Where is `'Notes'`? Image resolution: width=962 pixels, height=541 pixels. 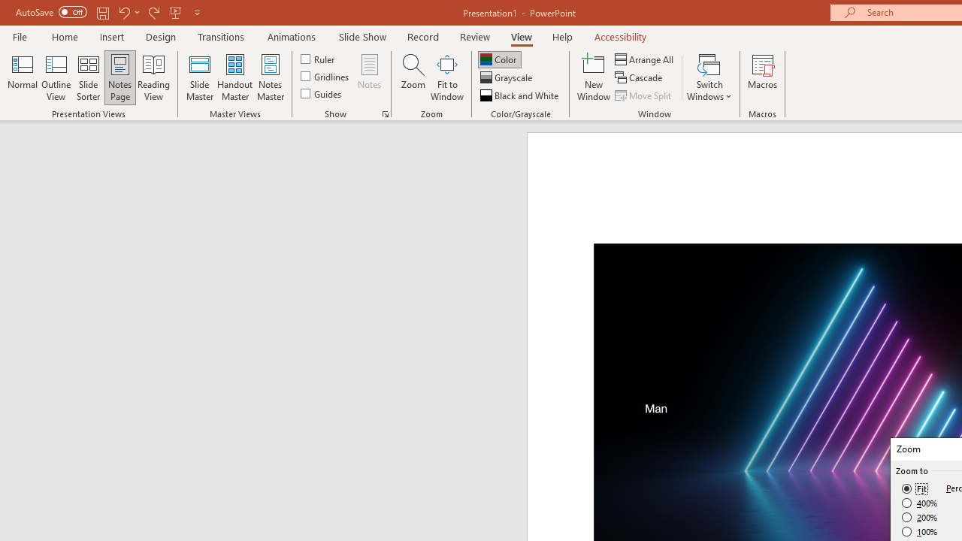 'Notes' is located at coordinates (370, 77).